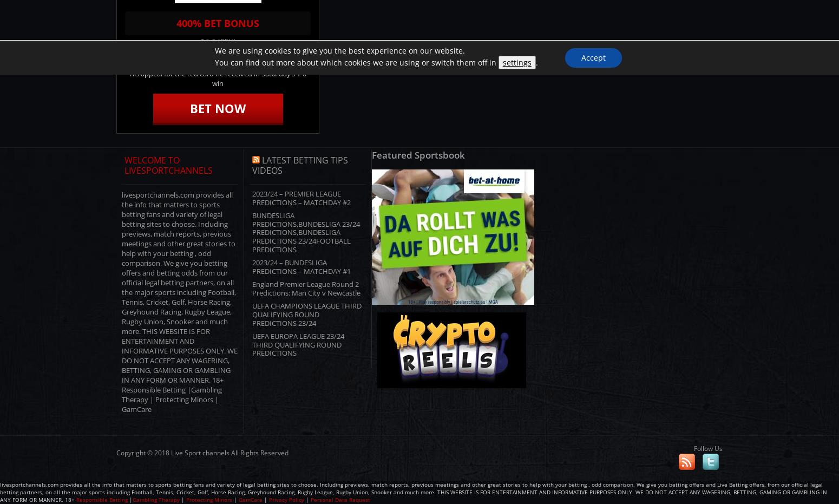  Describe the element at coordinates (168, 164) in the screenshot. I see `'Welcome To LiveSportChannels'` at that location.